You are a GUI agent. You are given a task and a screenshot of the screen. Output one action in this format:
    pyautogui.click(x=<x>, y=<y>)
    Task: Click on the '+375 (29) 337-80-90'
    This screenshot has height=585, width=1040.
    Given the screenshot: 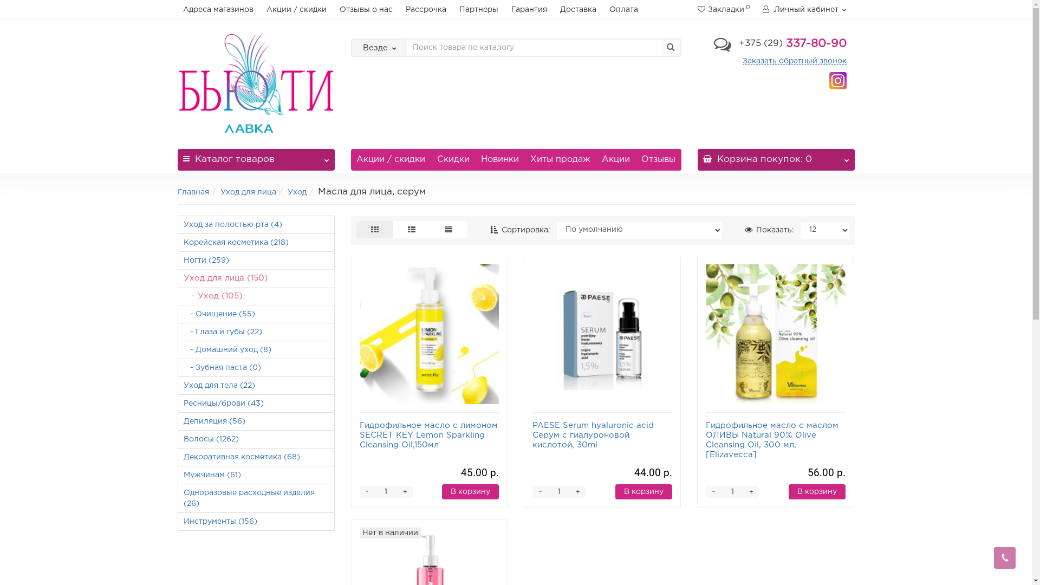 What is the action you would take?
    pyautogui.click(x=792, y=43)
    